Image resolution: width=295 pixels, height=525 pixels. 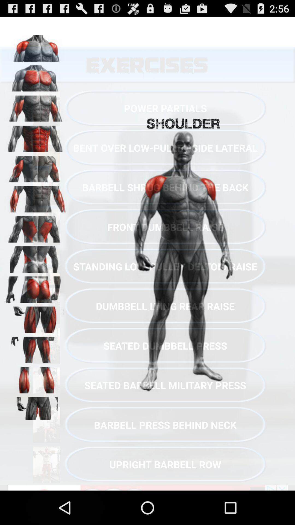 What do you see at coordinates (36, 107) in the screenshot?
I see `show shoulder muscles` at bounding box center [36, 107].